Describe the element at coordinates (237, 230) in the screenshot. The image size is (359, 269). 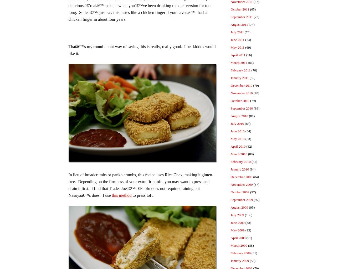
I see `'May 2009'` at that location.